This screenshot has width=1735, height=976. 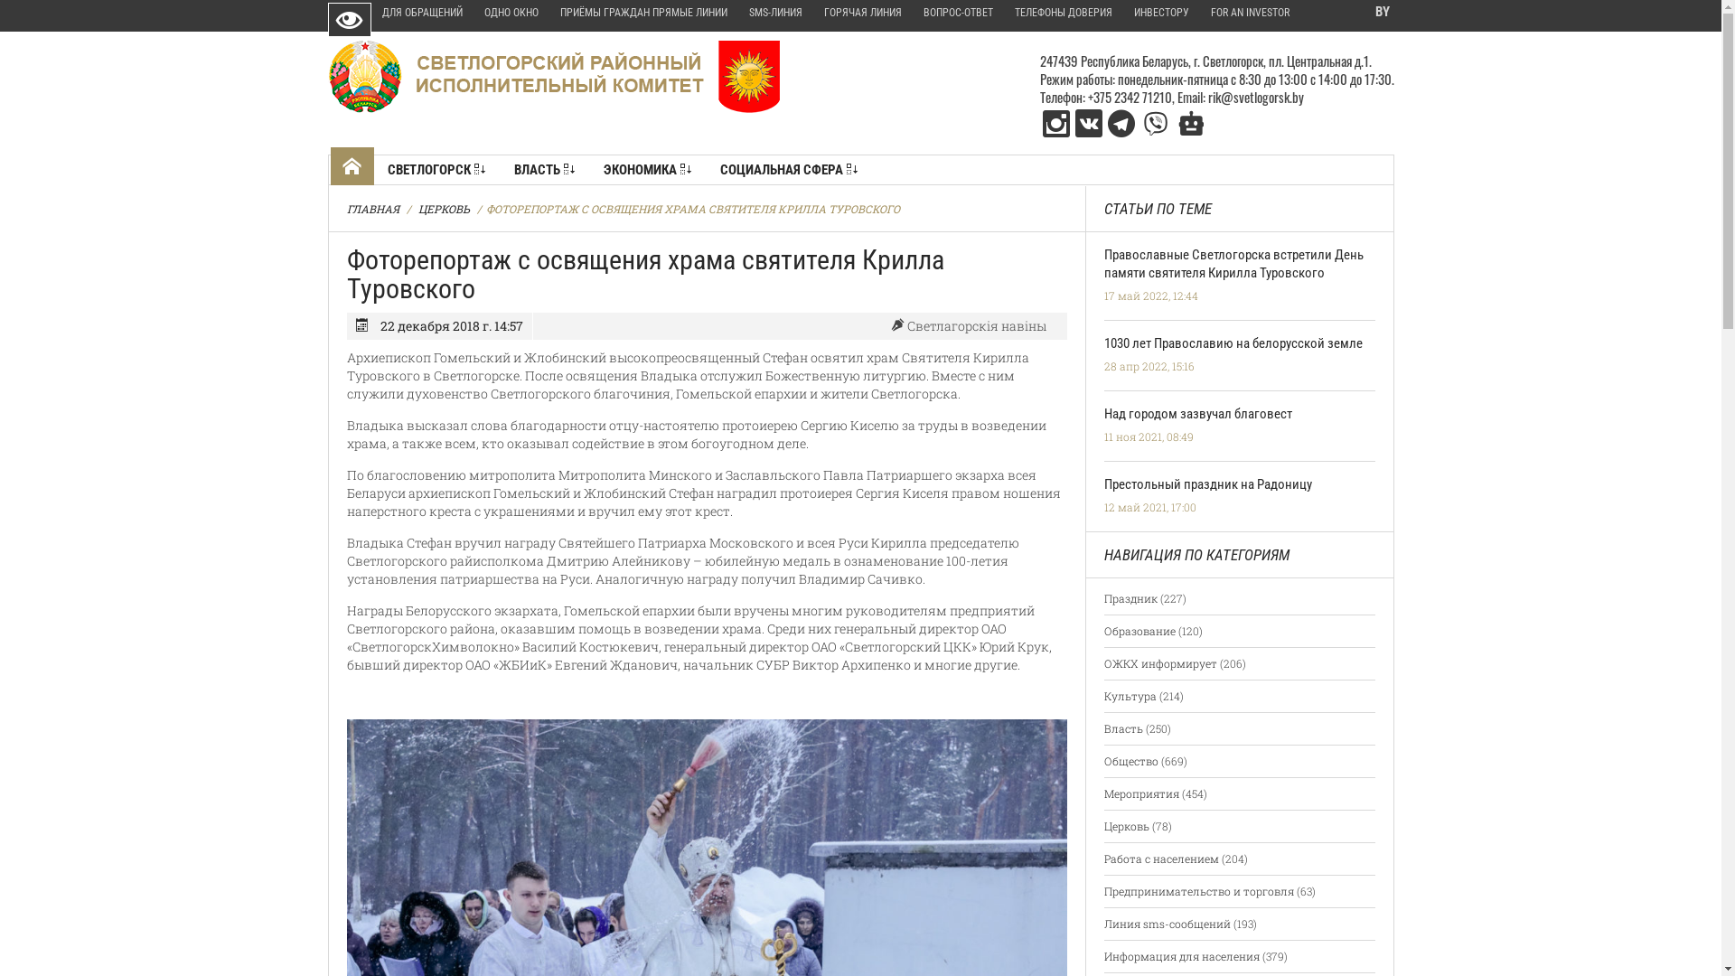 I want to click on 'FOR AN INVESTOR', so click(x=1249, y=14).